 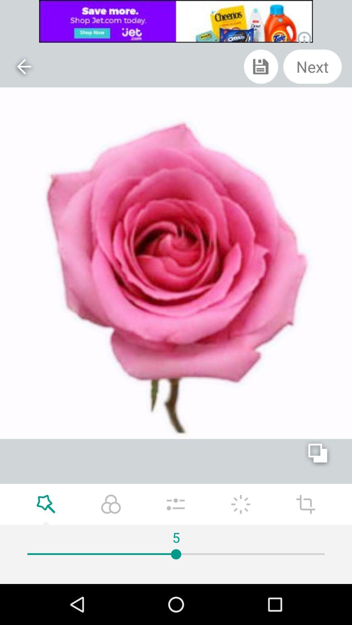 What do you see at coordinates (306, 504) in the screenshot?
I see `the add icon` at bounding box center [306, 504].